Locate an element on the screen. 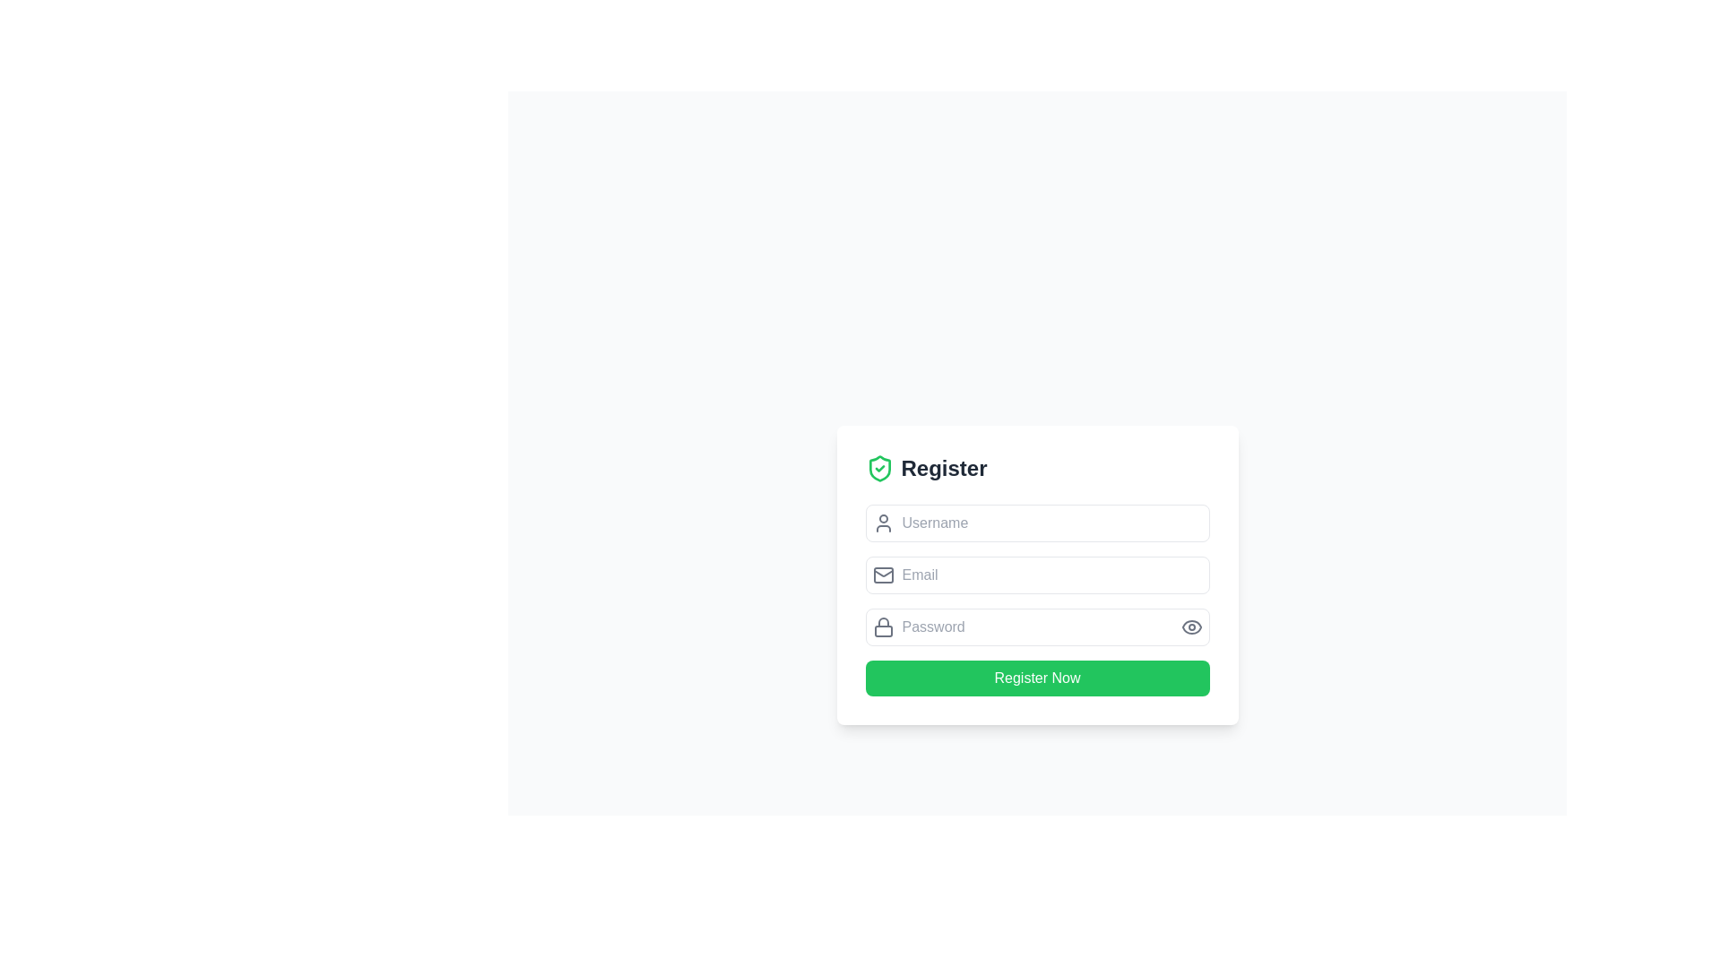 Image resolution: width=1721 pixels, height=968 pixels. the Graphical Icon Component adjacent to the email field, which visually reinforces the context of the email input is located at coordinates (883, 574).